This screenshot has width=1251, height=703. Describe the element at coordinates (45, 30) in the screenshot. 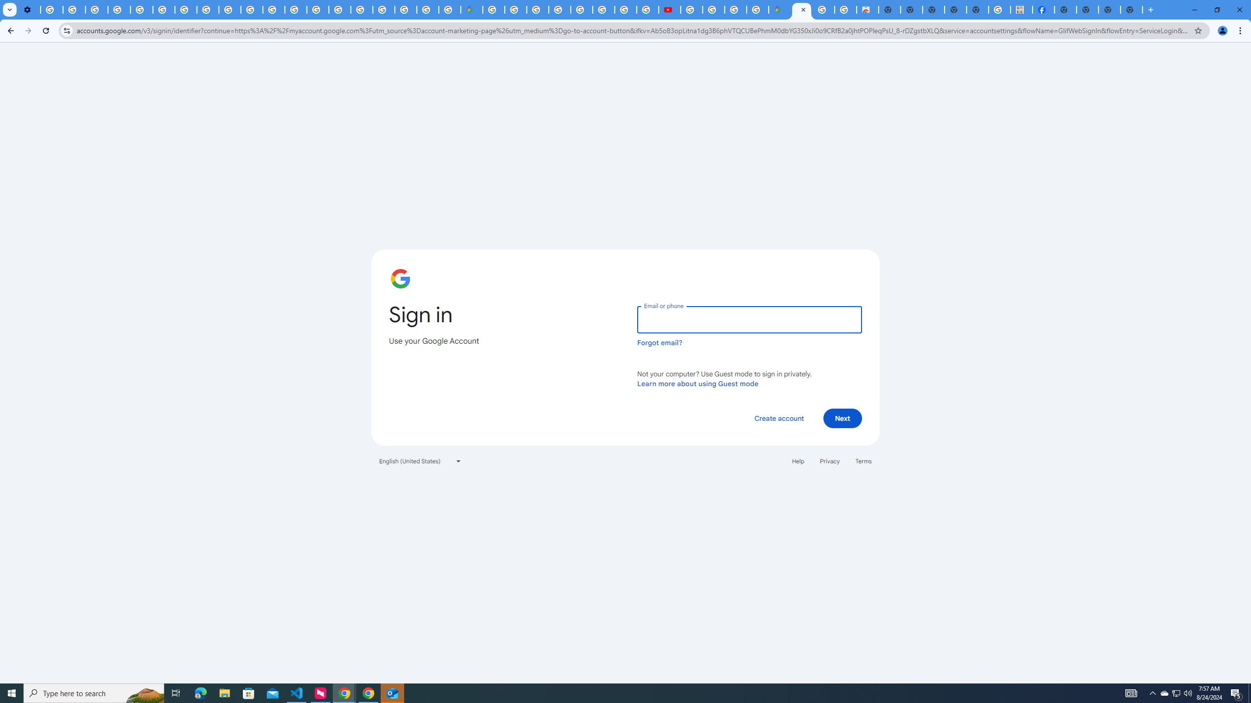

I see `'Reload'` at that location.